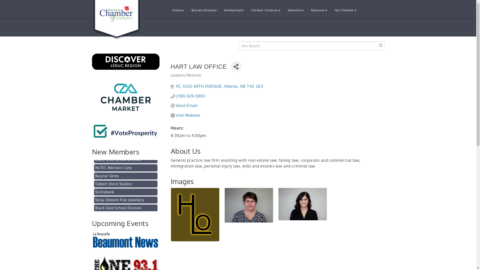 This screenshot has width=480, height=270. Describe the element at coordinates (219, 86) in the screenshot. I see `'#5, 5102-49TH AVENUE Alberta AB T4X 1E4'` at that location.